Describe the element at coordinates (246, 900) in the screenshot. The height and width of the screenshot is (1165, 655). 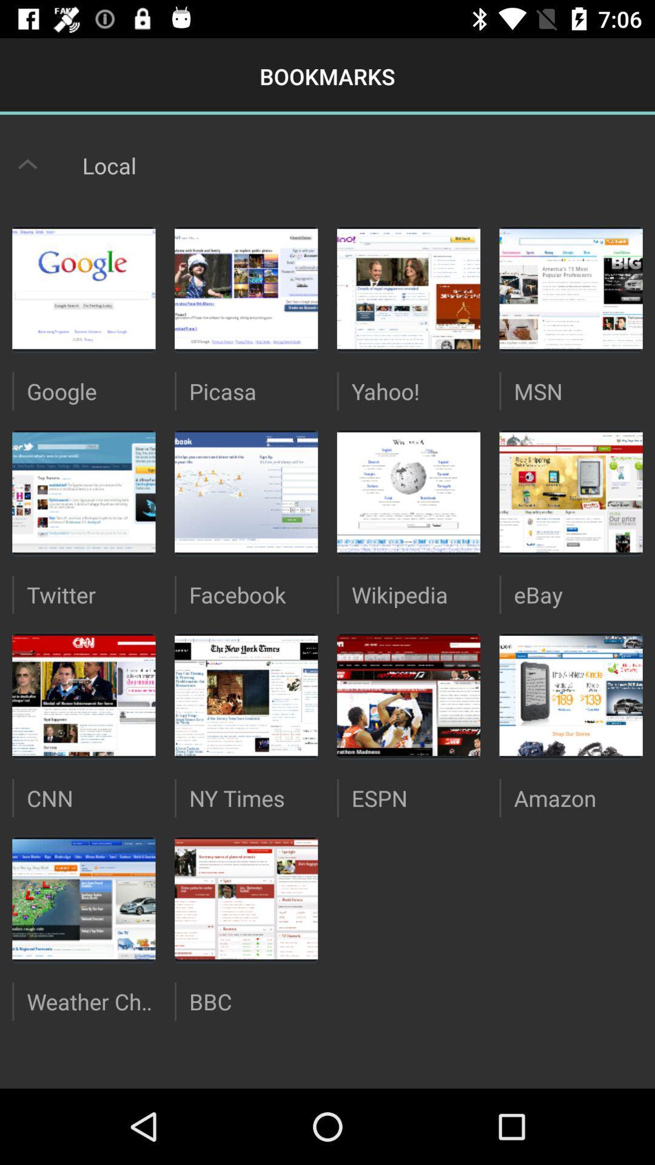
I see `image above bbc` at that location.